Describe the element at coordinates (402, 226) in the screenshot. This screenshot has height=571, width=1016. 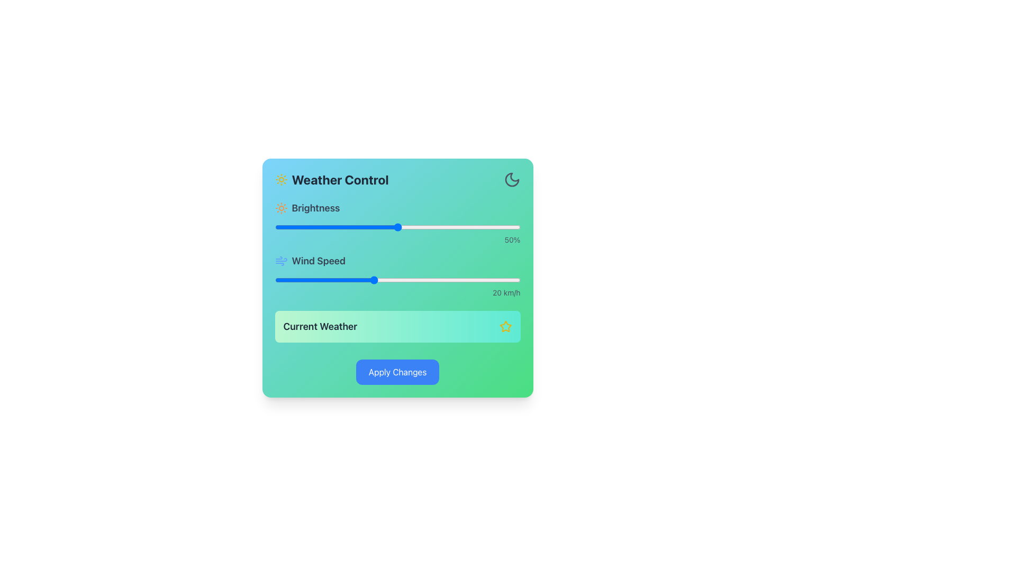
I see `brightness level` at that location.